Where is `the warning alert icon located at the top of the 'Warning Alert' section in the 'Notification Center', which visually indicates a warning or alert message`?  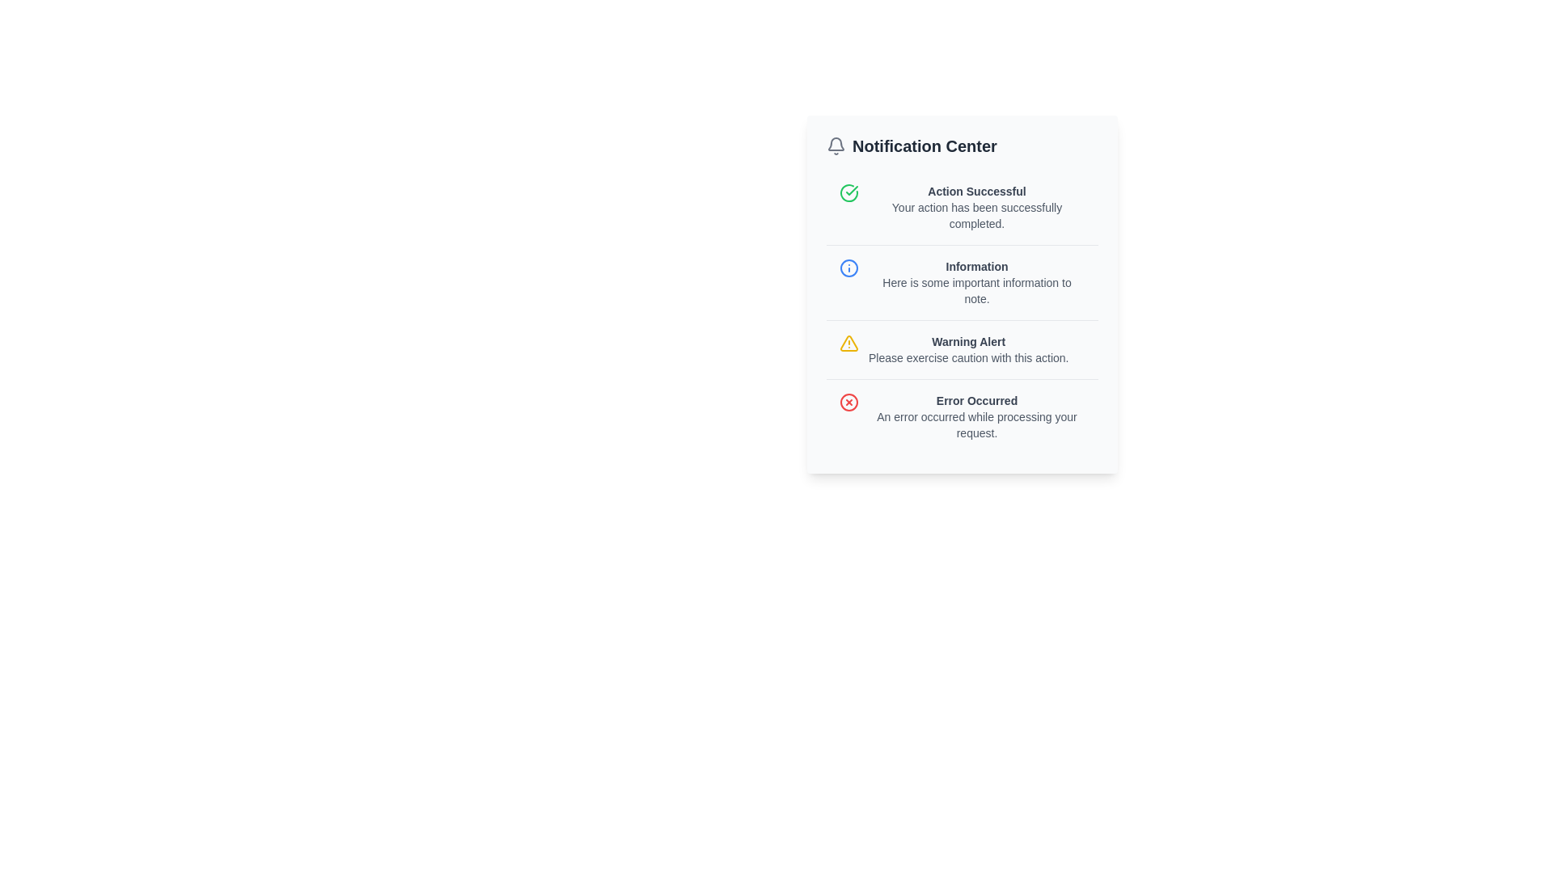
the warning alert icon located at the top of the 'Warning Alert' section in the 'Notification Center', which visually indicates a warning or alert message is located at coordinates (848, 342).